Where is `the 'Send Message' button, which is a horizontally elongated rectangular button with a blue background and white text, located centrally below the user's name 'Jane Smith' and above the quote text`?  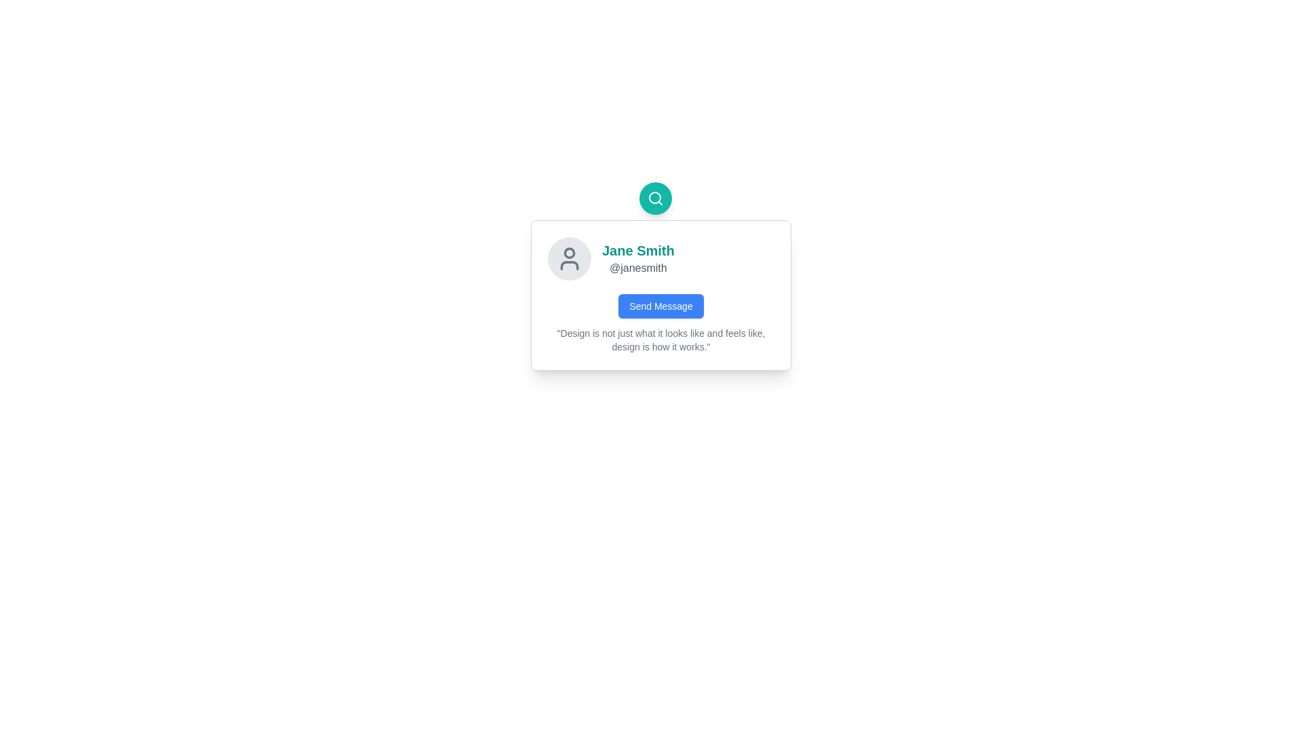
the 'Send Message' button, which is a horizontally elongated rectangular button with a blue background and white text, located centrally below the user's name 'Jane Smith' and above the quote text is located at coordinates (660, 306).